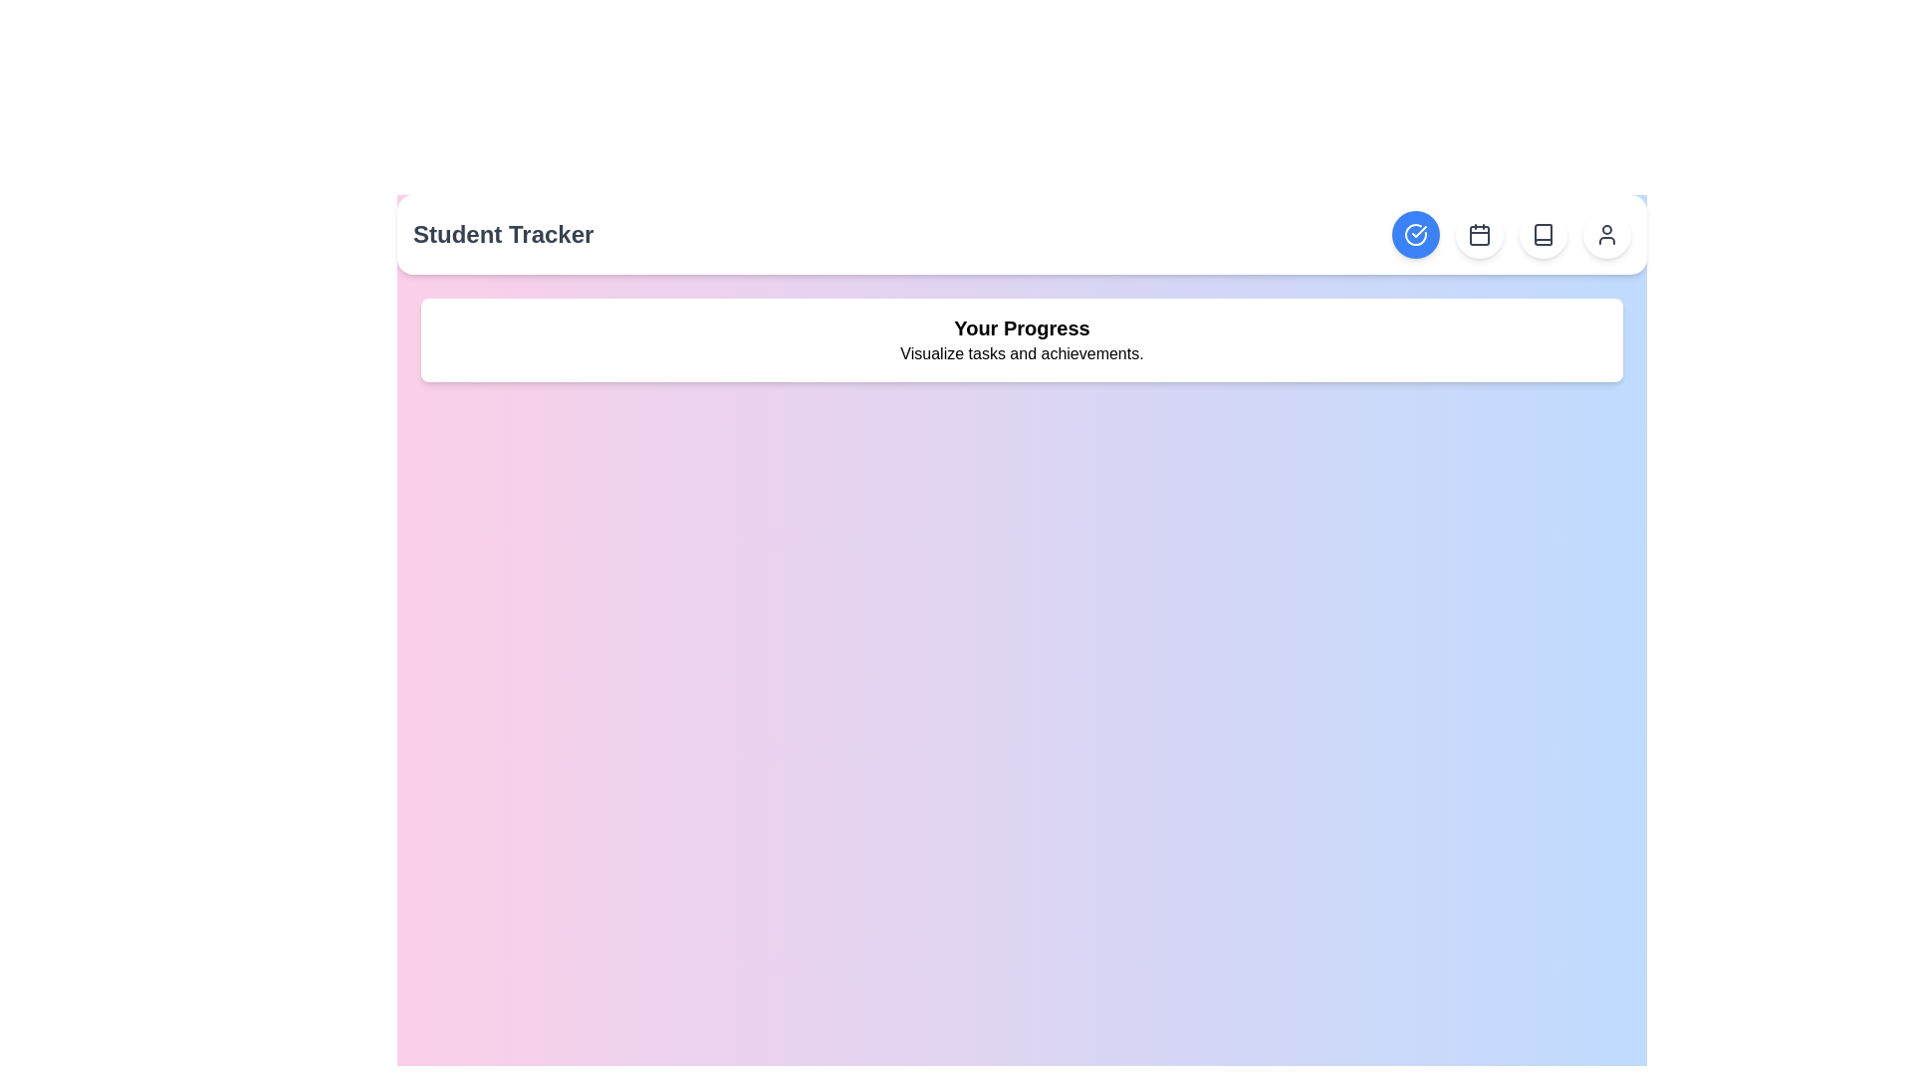  I want to click on the rounded circular button with a book icon, located in the top-right corner of the layout, for keyboard navigation, so click(1543, 233).